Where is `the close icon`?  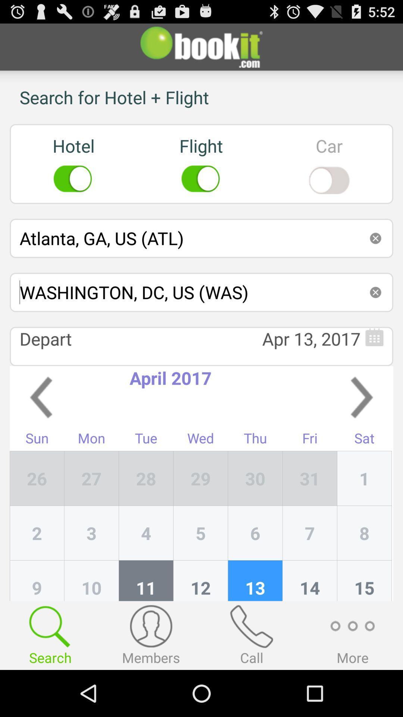 the close icon is located at coordinates (375, 313).